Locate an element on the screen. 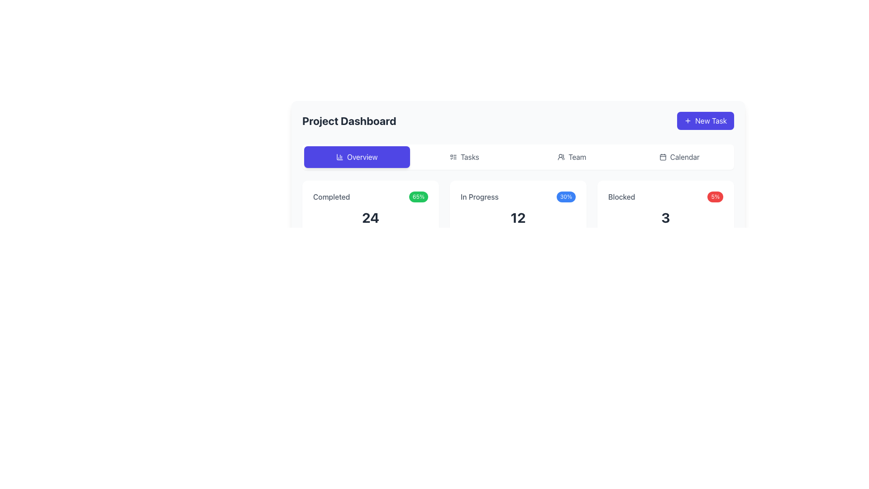  the Informational Card displaying 'In Progress' with a blue circular badge indicating '30%' and a bold number '12', located in the second position of three cards in a grid layout is located at coordinates (518, 214).